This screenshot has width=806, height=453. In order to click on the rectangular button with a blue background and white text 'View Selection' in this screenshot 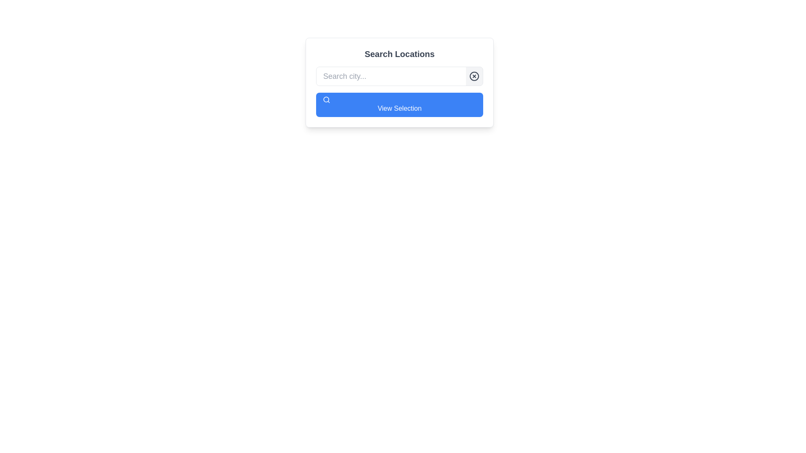, I will do `click(399, 104)`.